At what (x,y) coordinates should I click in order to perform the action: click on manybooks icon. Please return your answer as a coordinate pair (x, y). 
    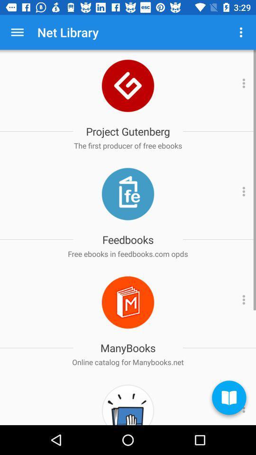
    Looking at the image, I should click on (128, 302).